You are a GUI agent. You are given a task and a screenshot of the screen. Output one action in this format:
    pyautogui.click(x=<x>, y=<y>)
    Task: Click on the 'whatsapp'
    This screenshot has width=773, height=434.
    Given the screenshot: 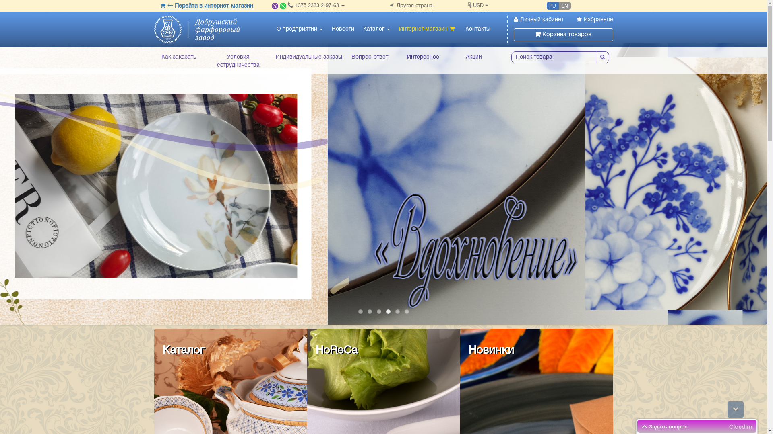 What is the action you would take?
    pyautogui.click(x=283, y=6)
    